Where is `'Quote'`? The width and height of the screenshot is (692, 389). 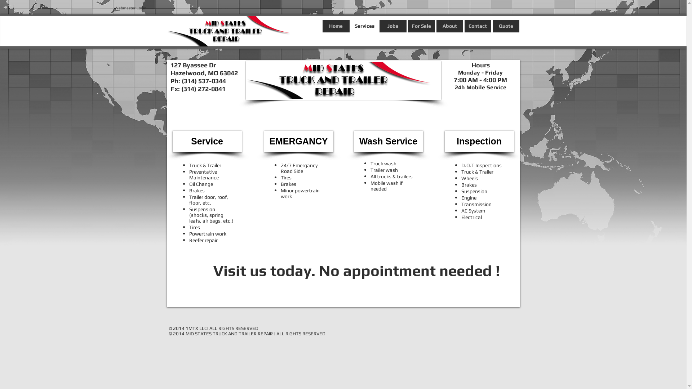 'Quote' is located at coordinates (505, 26).